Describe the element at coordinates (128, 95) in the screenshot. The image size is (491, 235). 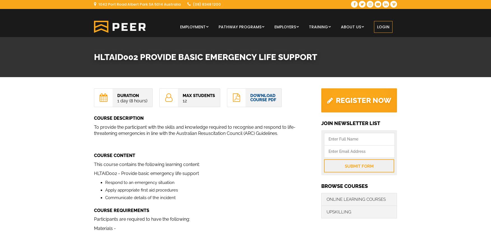
I see `'Duration'` at that location.